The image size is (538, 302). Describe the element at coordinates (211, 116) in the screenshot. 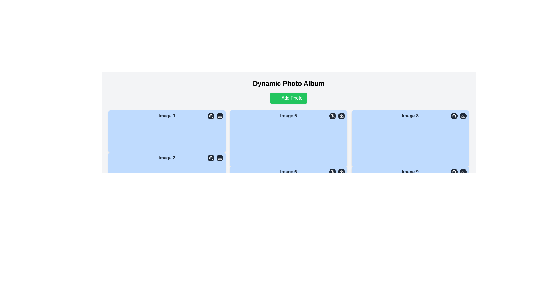

I see `the zoom button located in the top-right corner of the Image 1 card in the photo gallery, which triggers a magnification or detail display of the associated image` at that location.